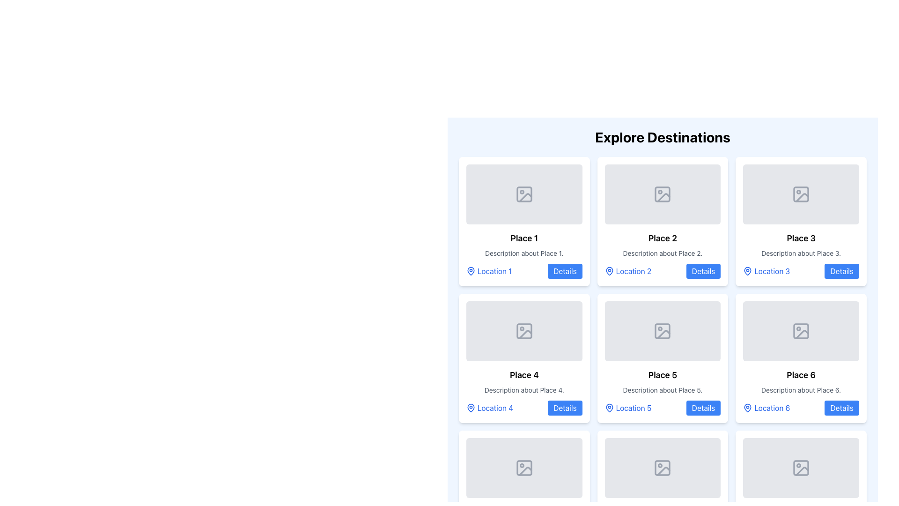 This screenshot has height=506, width=899. I want to click on the interactive label or hyperlink that consists of a blue location marker icon and the text label 'Location 1', so click(488, 271).